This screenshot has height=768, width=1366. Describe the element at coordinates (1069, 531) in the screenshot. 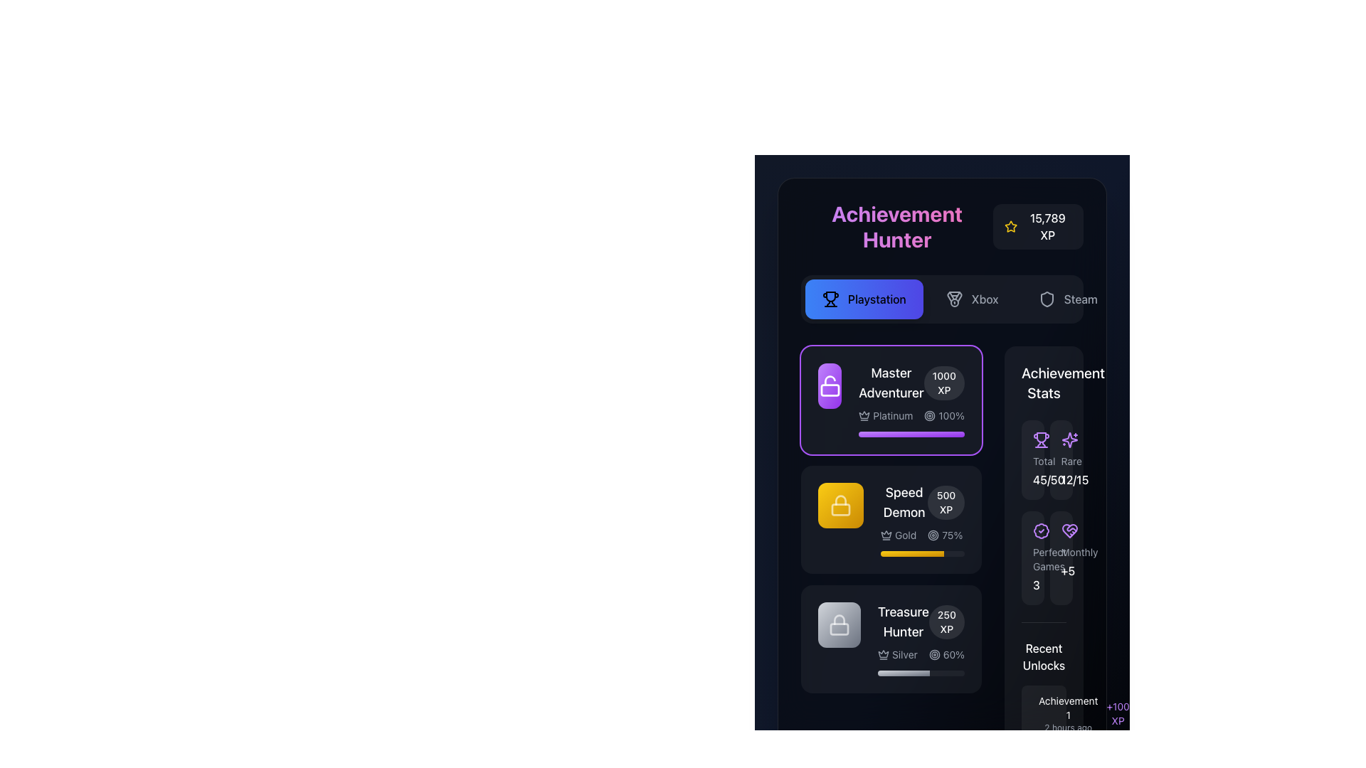

I see `the hand-heart motif icon representing collaboration in the 'Master Adventurer' achievement section on the left-most side of the interface` at that location.